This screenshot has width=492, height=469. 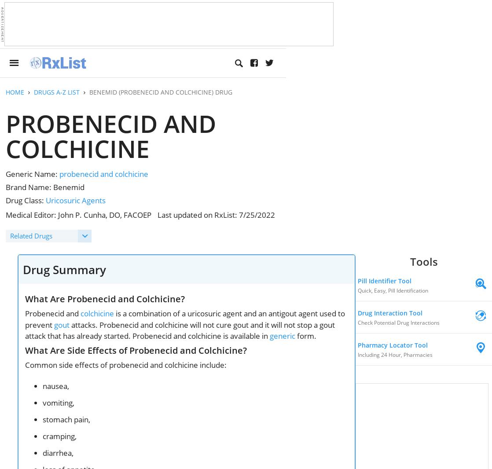 What do you see at coordinates (29, 187) in the screenshot?
I see `'Brand Name:'` at bounding box center [29, 187].